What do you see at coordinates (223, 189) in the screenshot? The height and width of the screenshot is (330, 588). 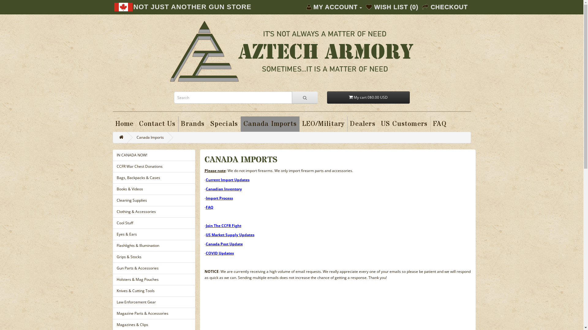 I see `'Canadian Inventory'` at bounding box center [223, 189].